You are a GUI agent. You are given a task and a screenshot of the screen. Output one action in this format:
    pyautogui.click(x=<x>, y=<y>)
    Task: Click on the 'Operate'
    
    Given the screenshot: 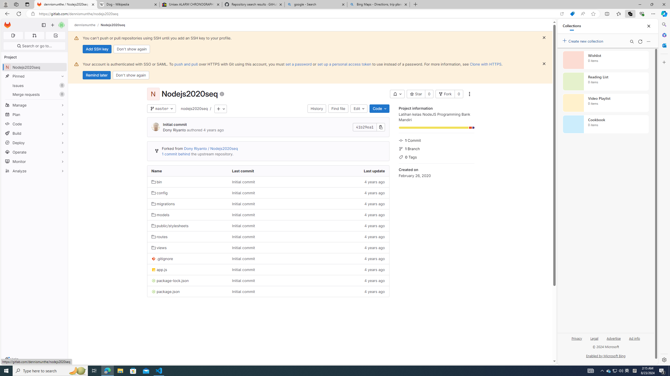 What is the action you would take?
    pyautogui.click(x=34, y=152)
    